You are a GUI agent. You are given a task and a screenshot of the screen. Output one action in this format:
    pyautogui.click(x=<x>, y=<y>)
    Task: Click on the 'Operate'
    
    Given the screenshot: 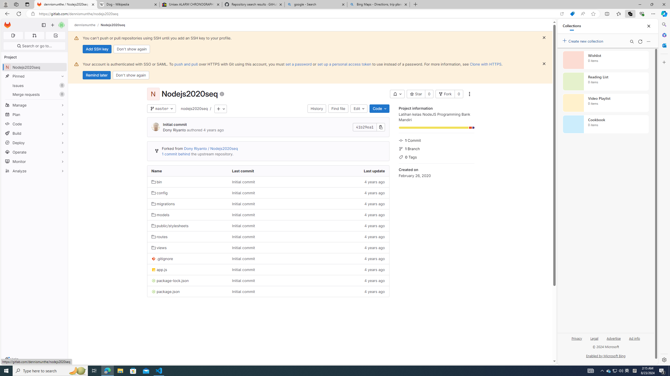 What is the action you would take?
    pyautogui.click(x=34, y=152)
    